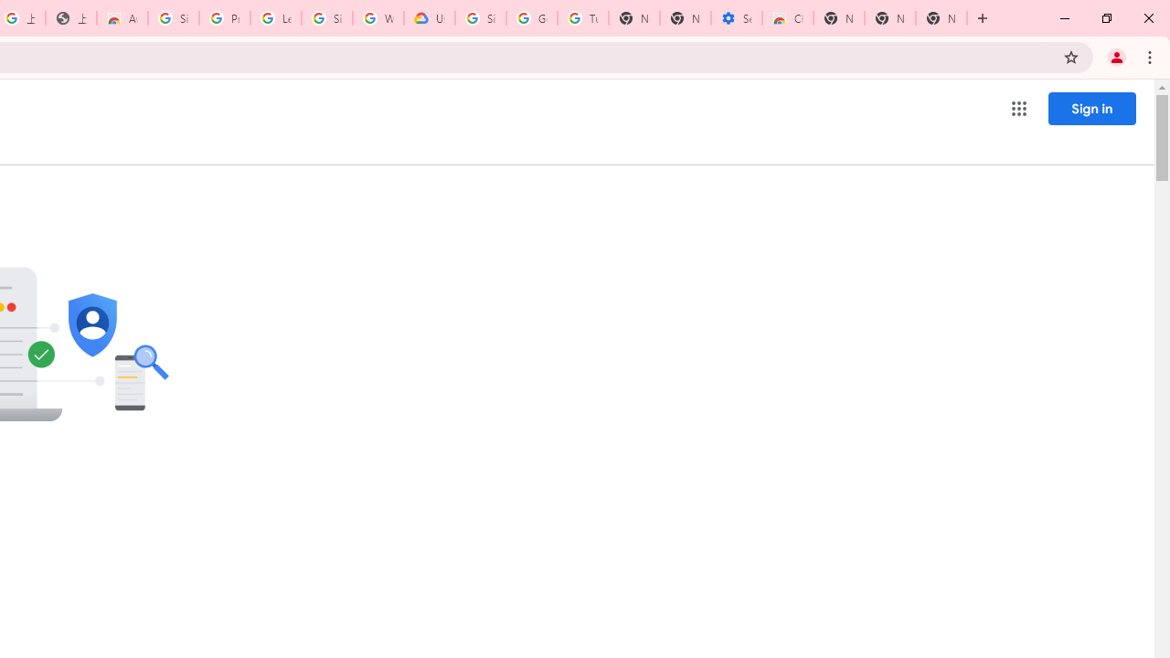 Image resolution: width=1170 pixels, height=658 pixels. What do you see at coordinates (122, 18) in the screenshot?
I see `'Awesome Screen Recorder & Screenshot - Chrome Web Store'` at bounding box center [122, 18].